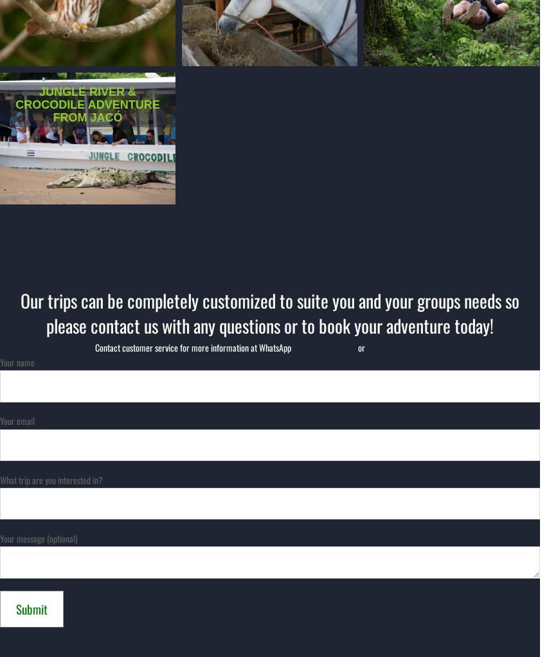  Describe the element at coordinates (361, 346) in the screenshot. I see `'or'` at that location.